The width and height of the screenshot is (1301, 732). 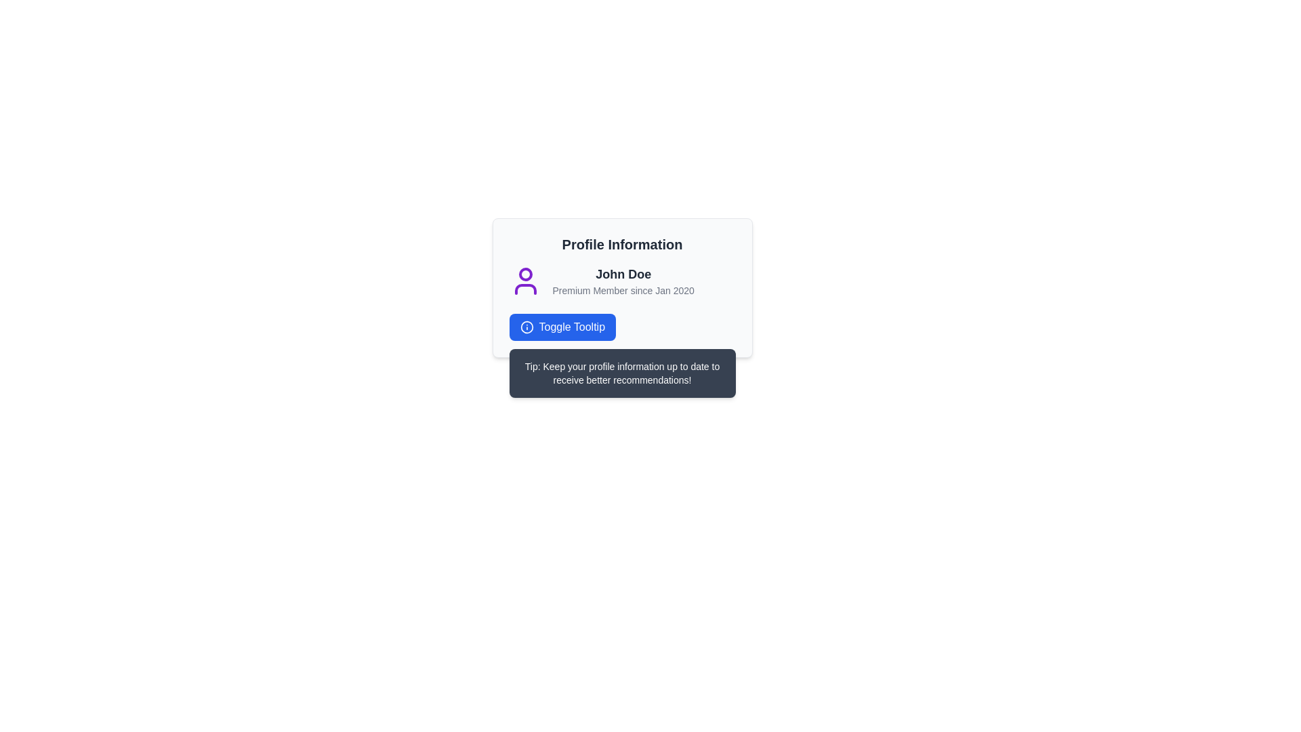 I want to click on the Text Label displaying the user's name in the profile interface, which is centrally aligned below 'Profile Information' and next to the avatar icon, so click(x=623, y=274).